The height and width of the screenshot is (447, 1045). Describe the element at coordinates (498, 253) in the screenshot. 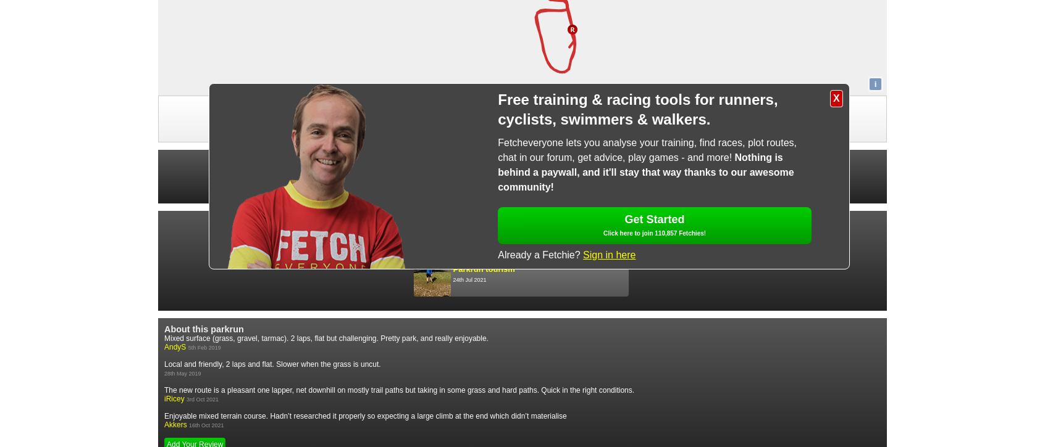

I see `'Already a Fetchie?'` at that location.